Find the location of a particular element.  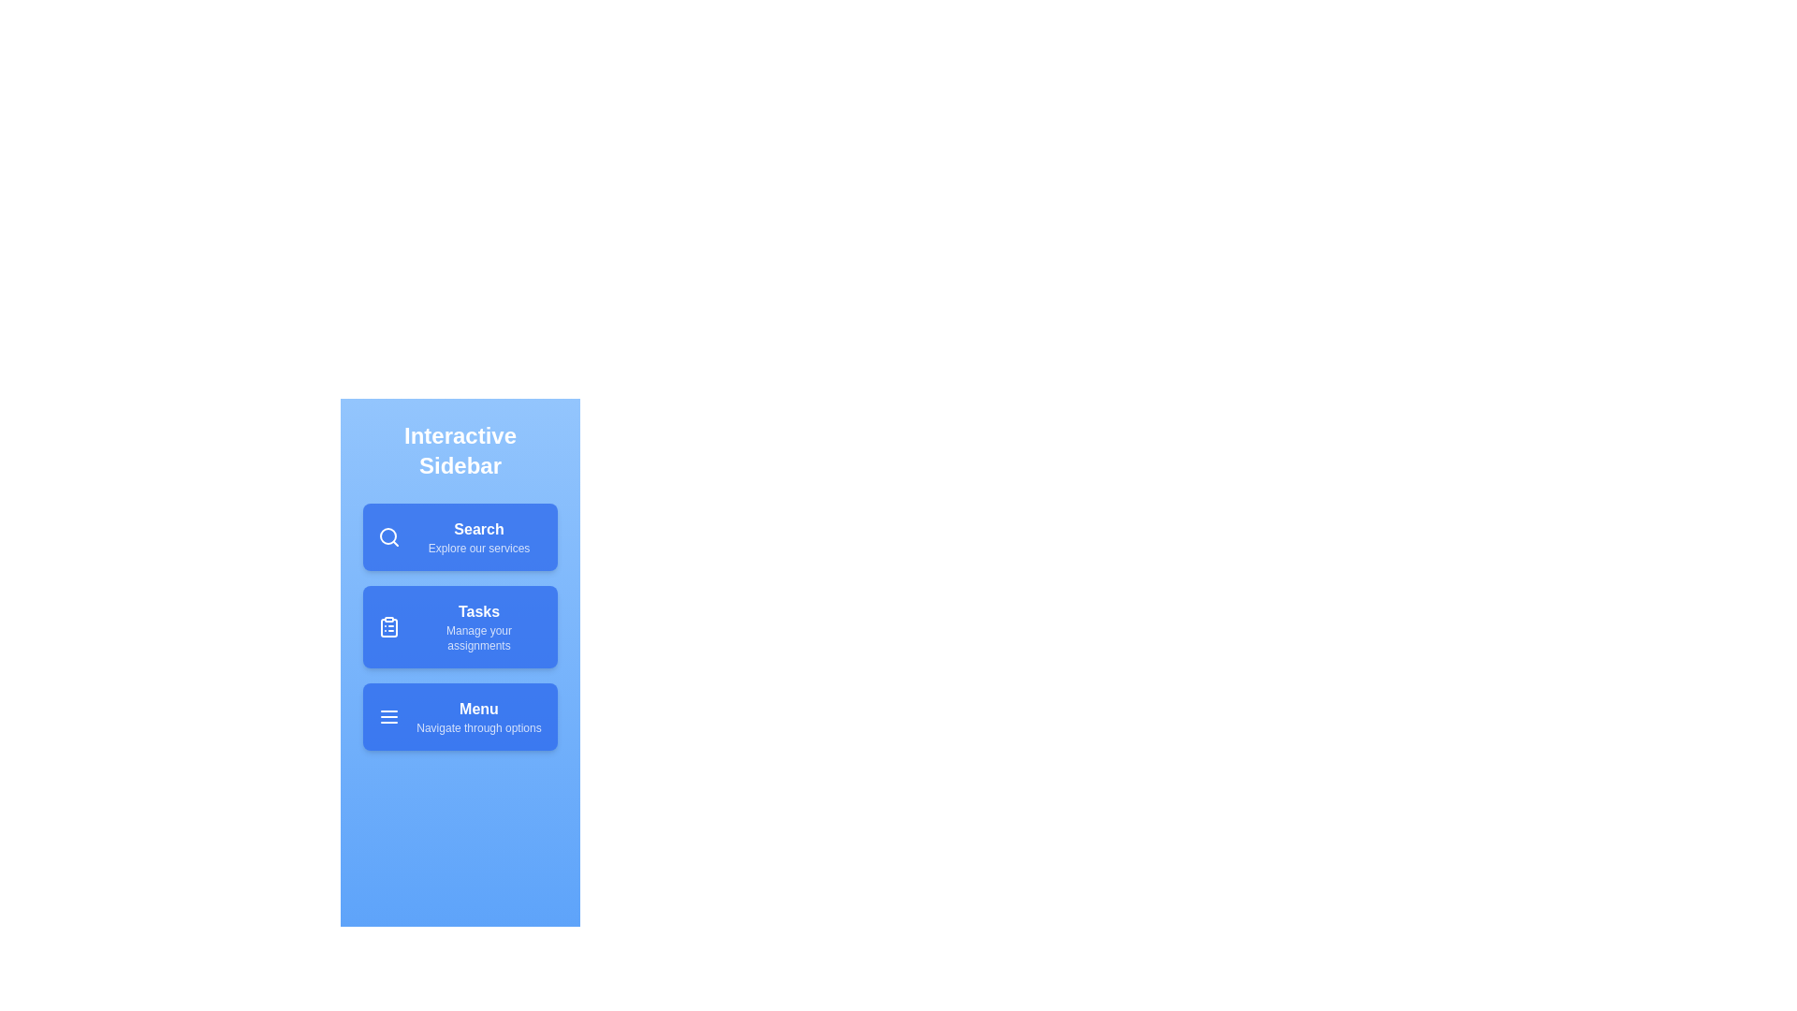

the menu item Search to see the hover effect is located at coordinates (460, 537).